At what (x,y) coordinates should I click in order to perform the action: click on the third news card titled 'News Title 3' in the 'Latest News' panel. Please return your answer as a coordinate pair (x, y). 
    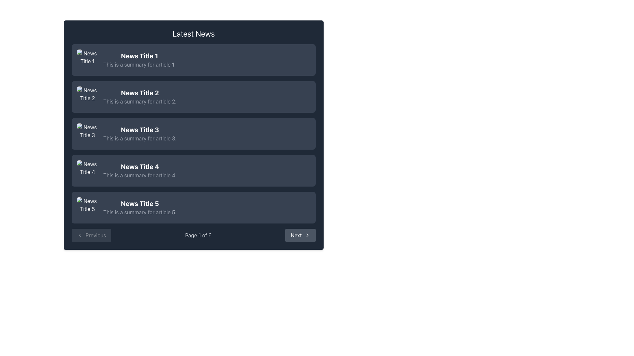
    Looking at the image, I should click on (193, 133).